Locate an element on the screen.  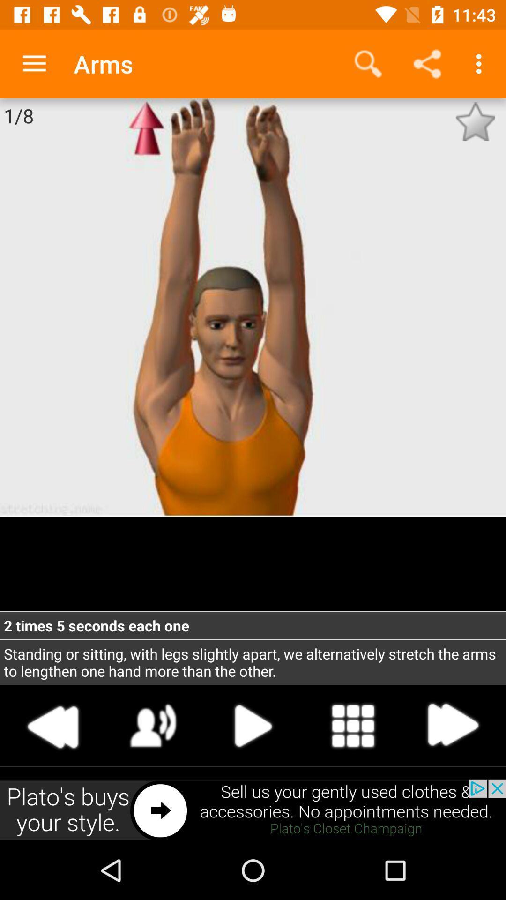
the arrow_forward icon is located at coordinates (452, 725).